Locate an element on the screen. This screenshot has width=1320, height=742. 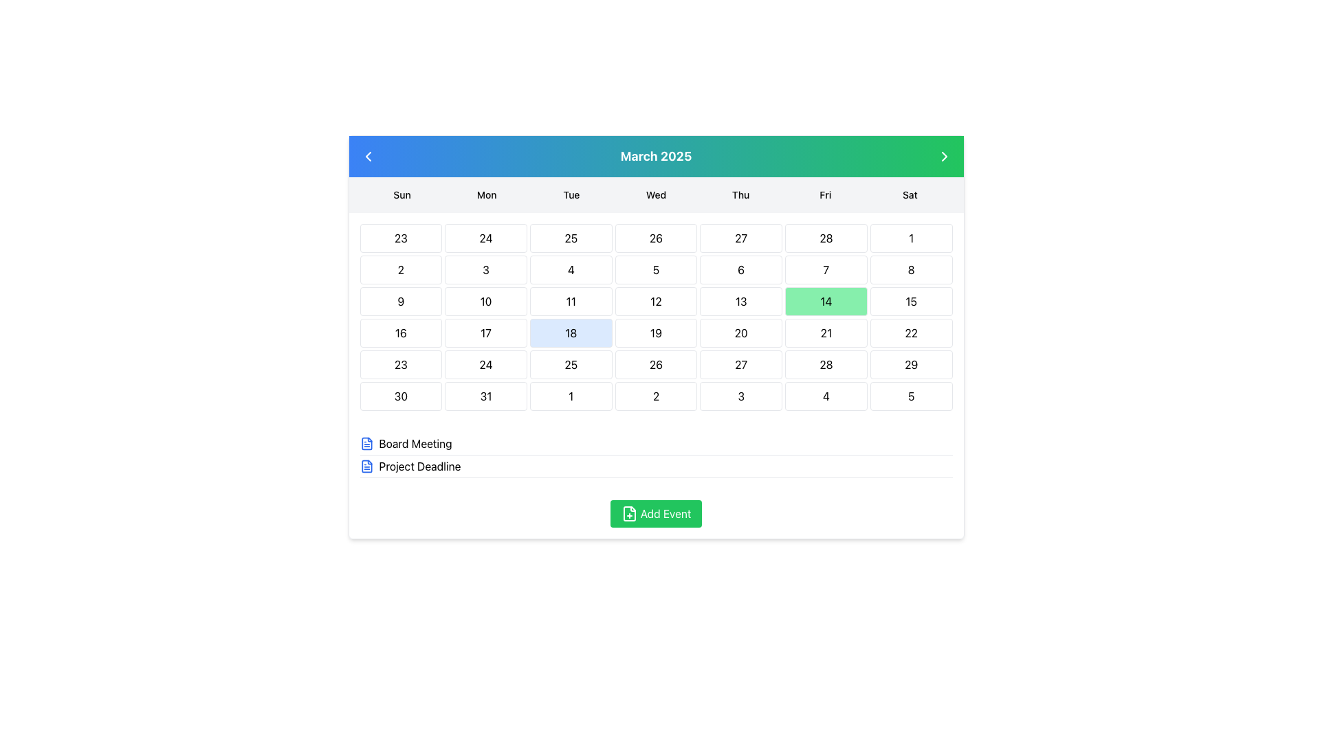
the static display cell representing the 27th day in the calendar view, located in the 5th row and 4th column of the grid layout is located at coordinates (740, 364).